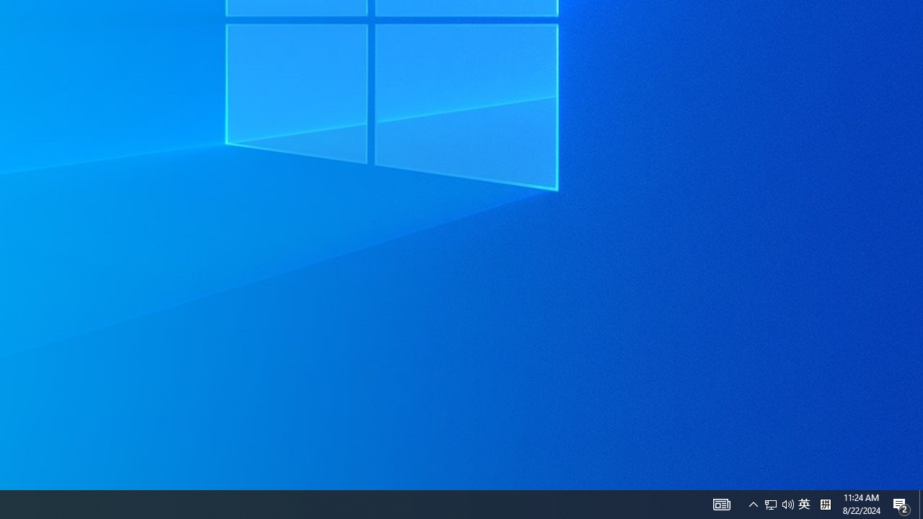 This screenshot has height=519, width=923. What do you see at coordinates (753, 503) in the screenshot?
I see `'Q2790: 100%'` at bounding box center [753, 503].